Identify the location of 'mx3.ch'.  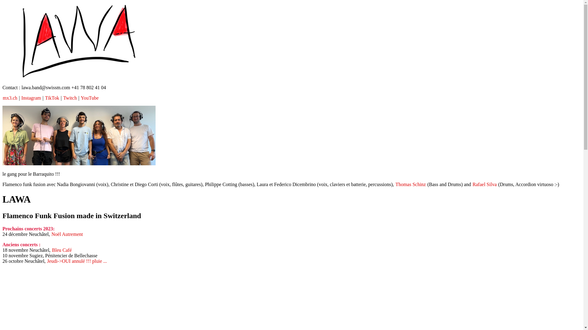
(10, 97).